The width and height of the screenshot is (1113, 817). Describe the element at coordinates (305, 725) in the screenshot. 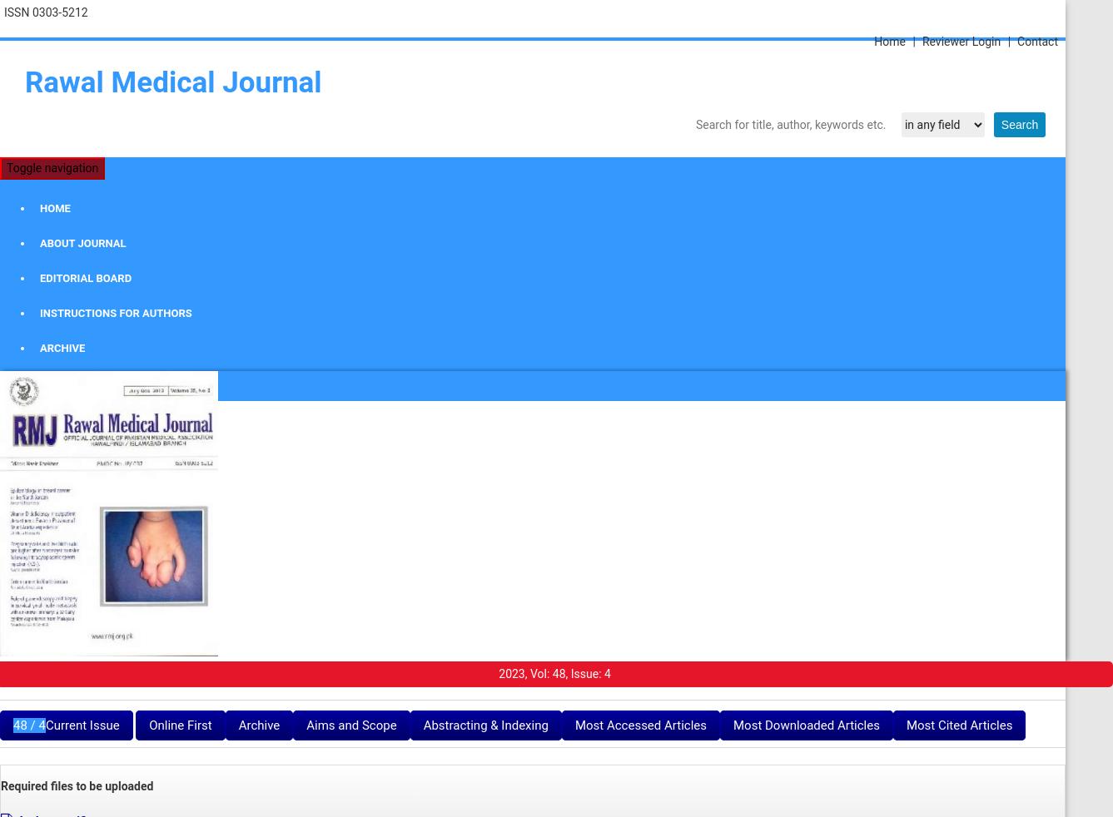

I see `'Aims and Scope'` at that location.